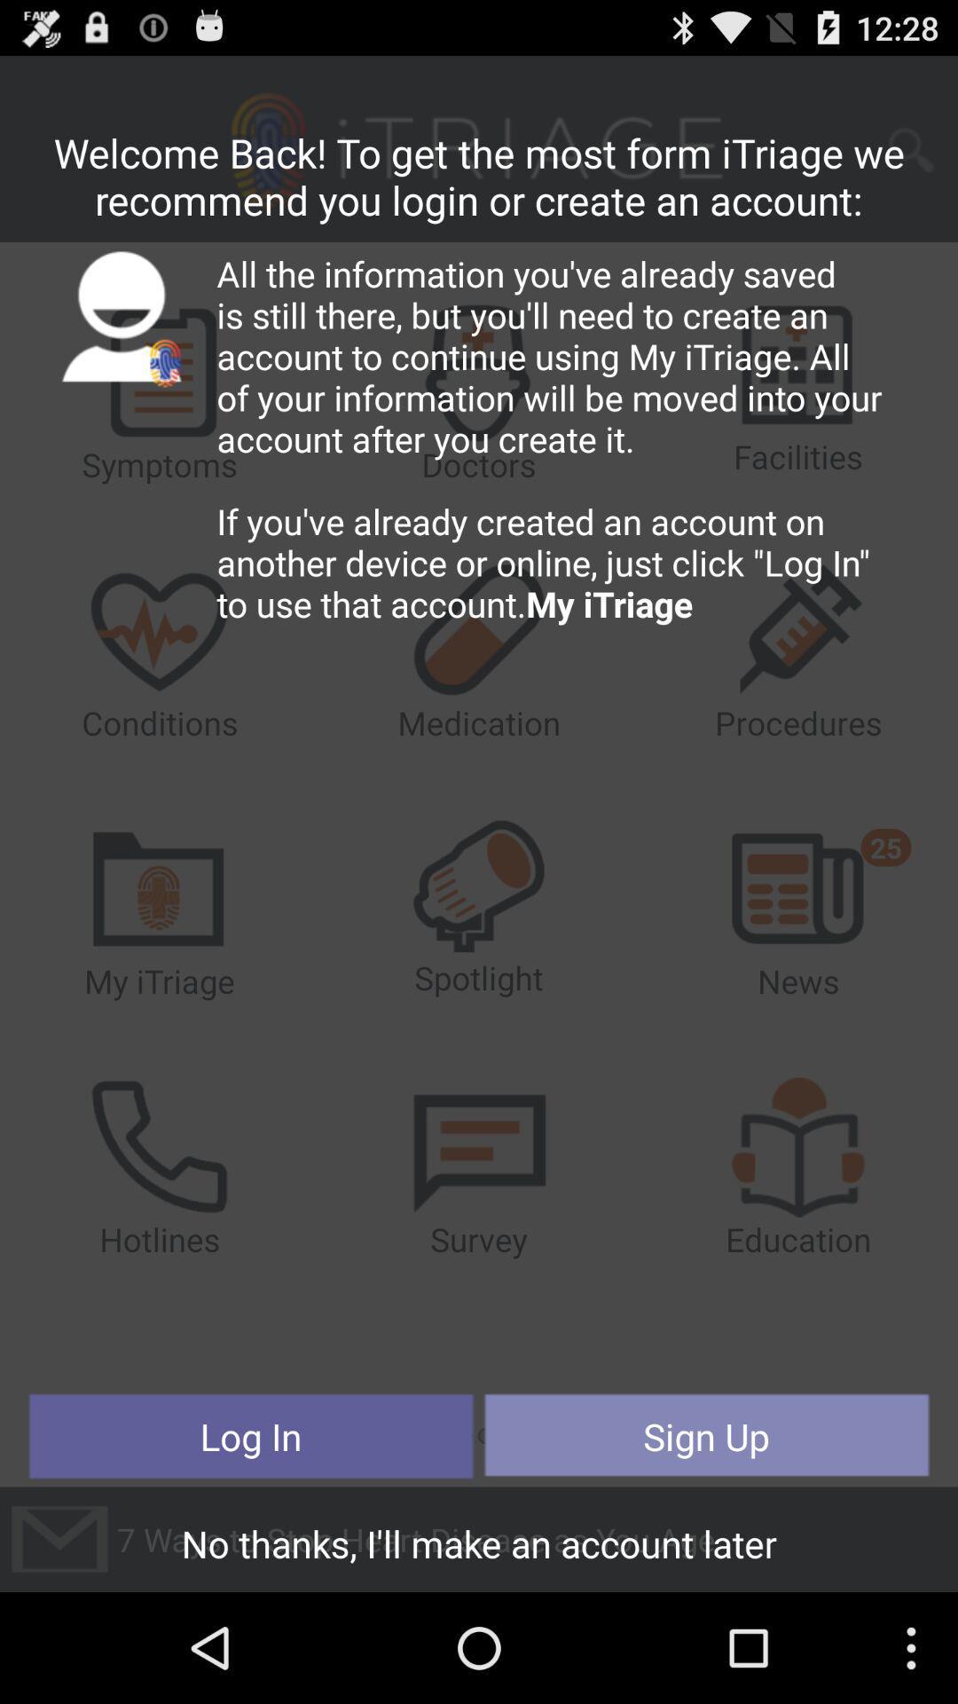 This screenshot has height=1704, width=958. What do you see at coordinates (479, 1548) in the screenshot?
I see `the no thanks i button` at bounding box center [479, 1548].